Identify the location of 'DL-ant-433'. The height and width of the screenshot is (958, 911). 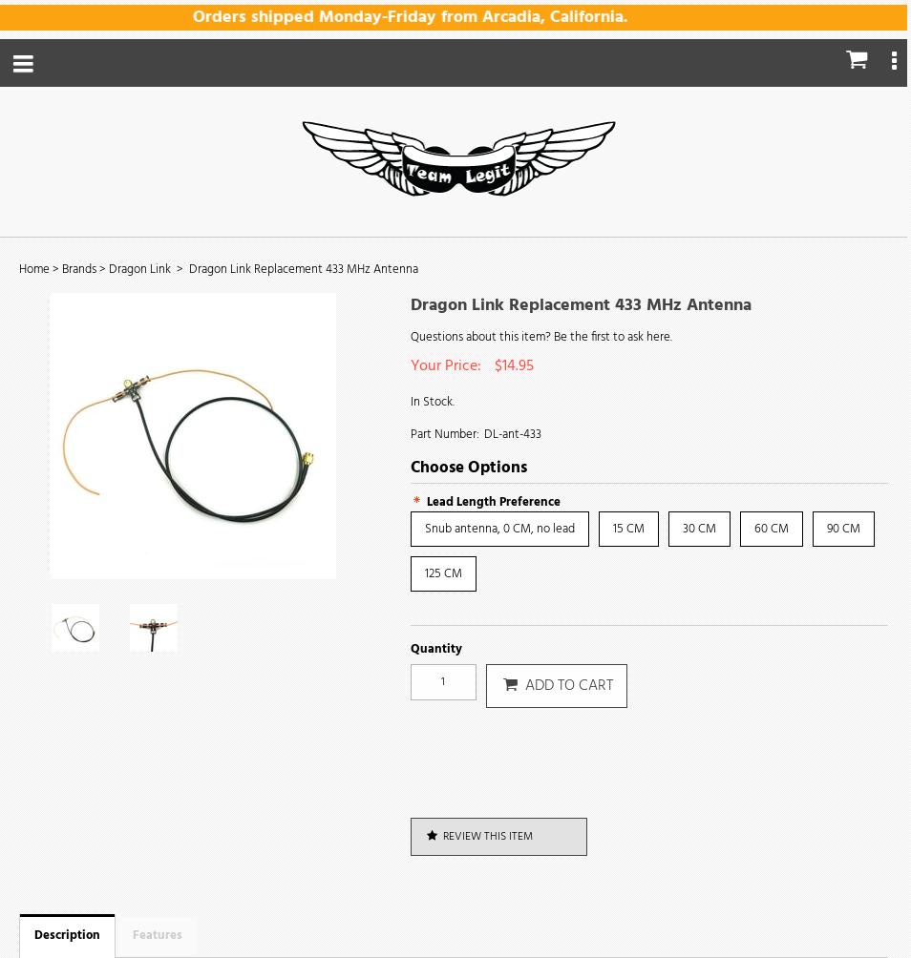
(510, 433).